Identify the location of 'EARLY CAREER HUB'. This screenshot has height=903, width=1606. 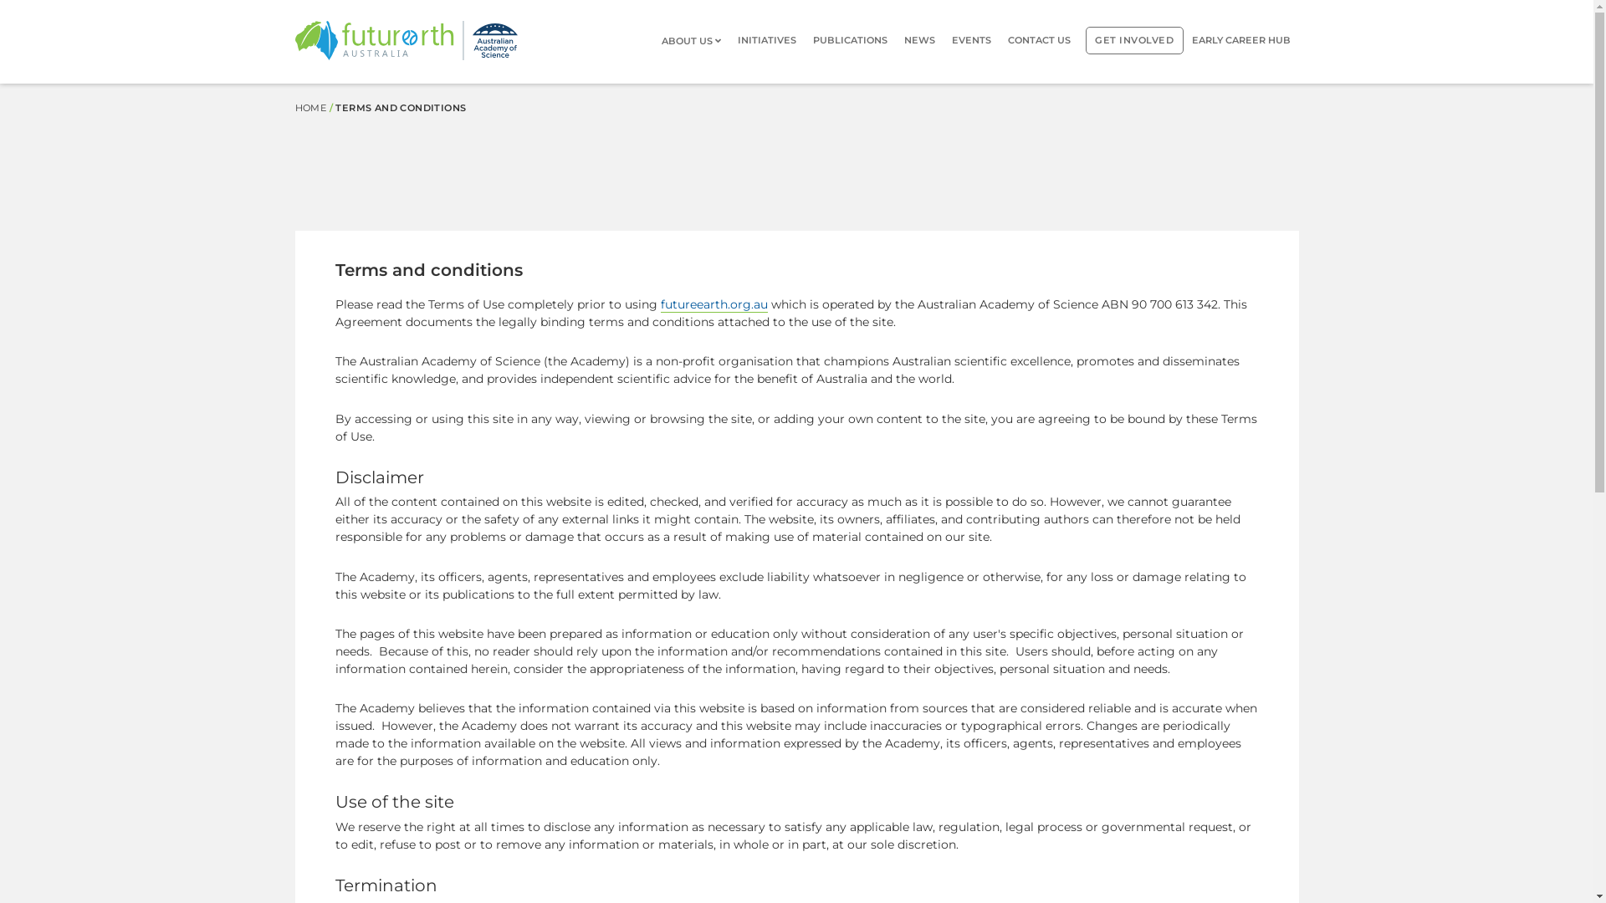
(1240, 39).